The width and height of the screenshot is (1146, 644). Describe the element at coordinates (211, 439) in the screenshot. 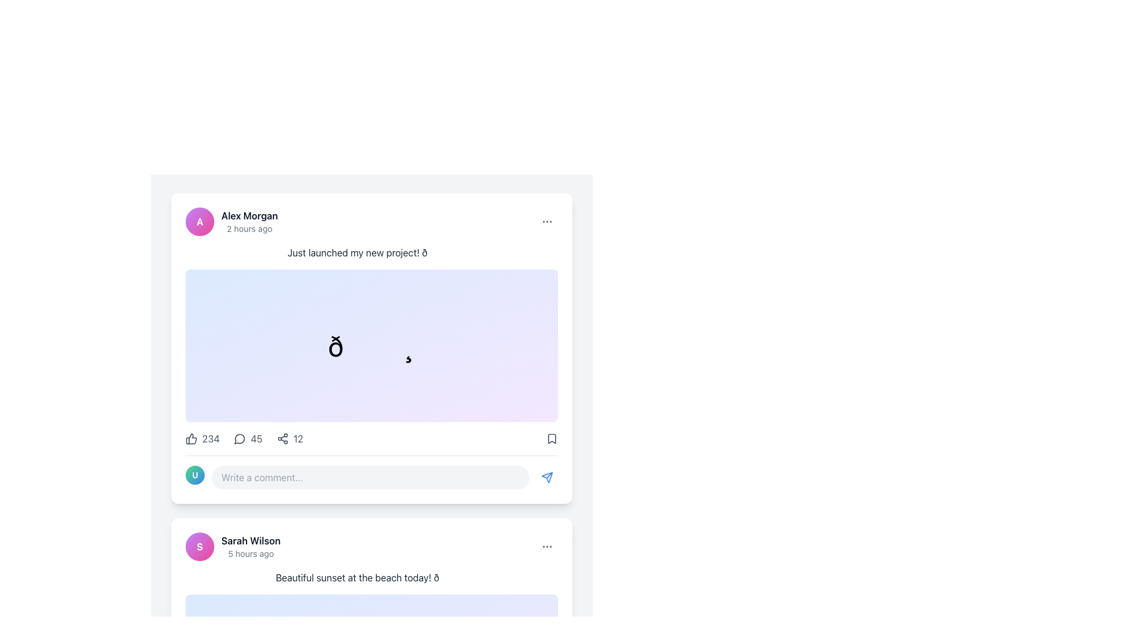

I see `the numerical text displaying the count of likes or approvals located to the right of the thumbs-up icon in the bottom-left section of the post card` at that location.